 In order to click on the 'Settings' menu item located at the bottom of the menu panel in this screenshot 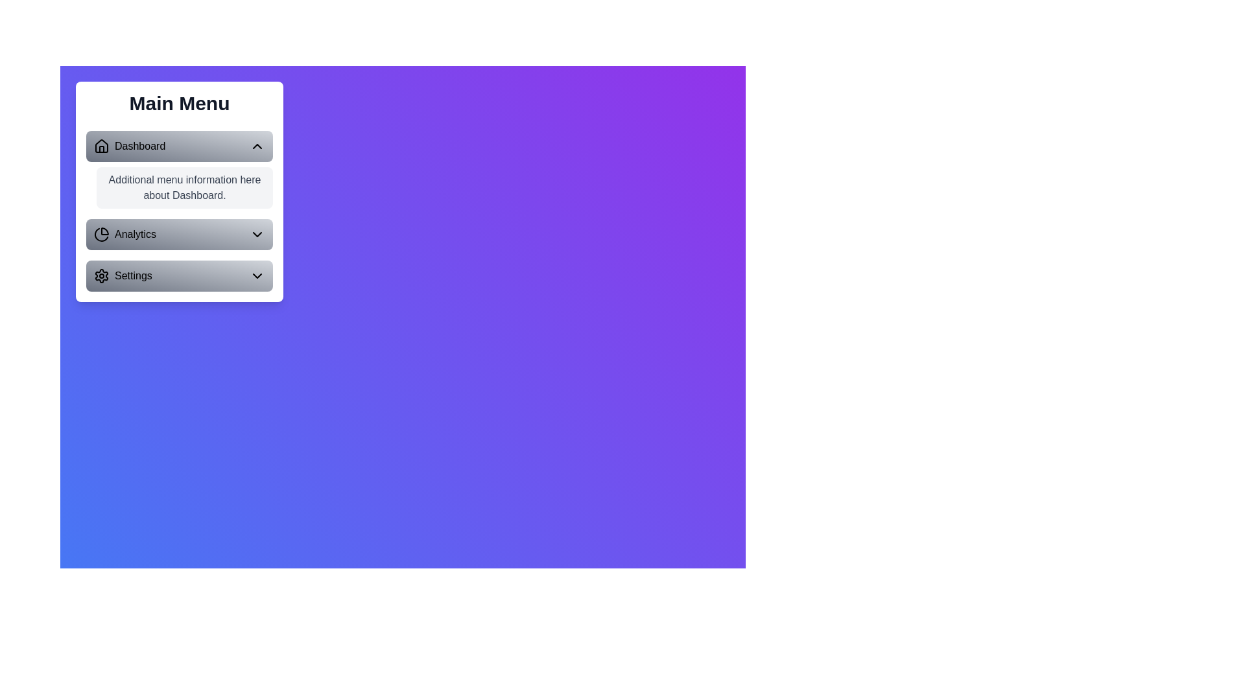, I will do `click(123, 275)`.